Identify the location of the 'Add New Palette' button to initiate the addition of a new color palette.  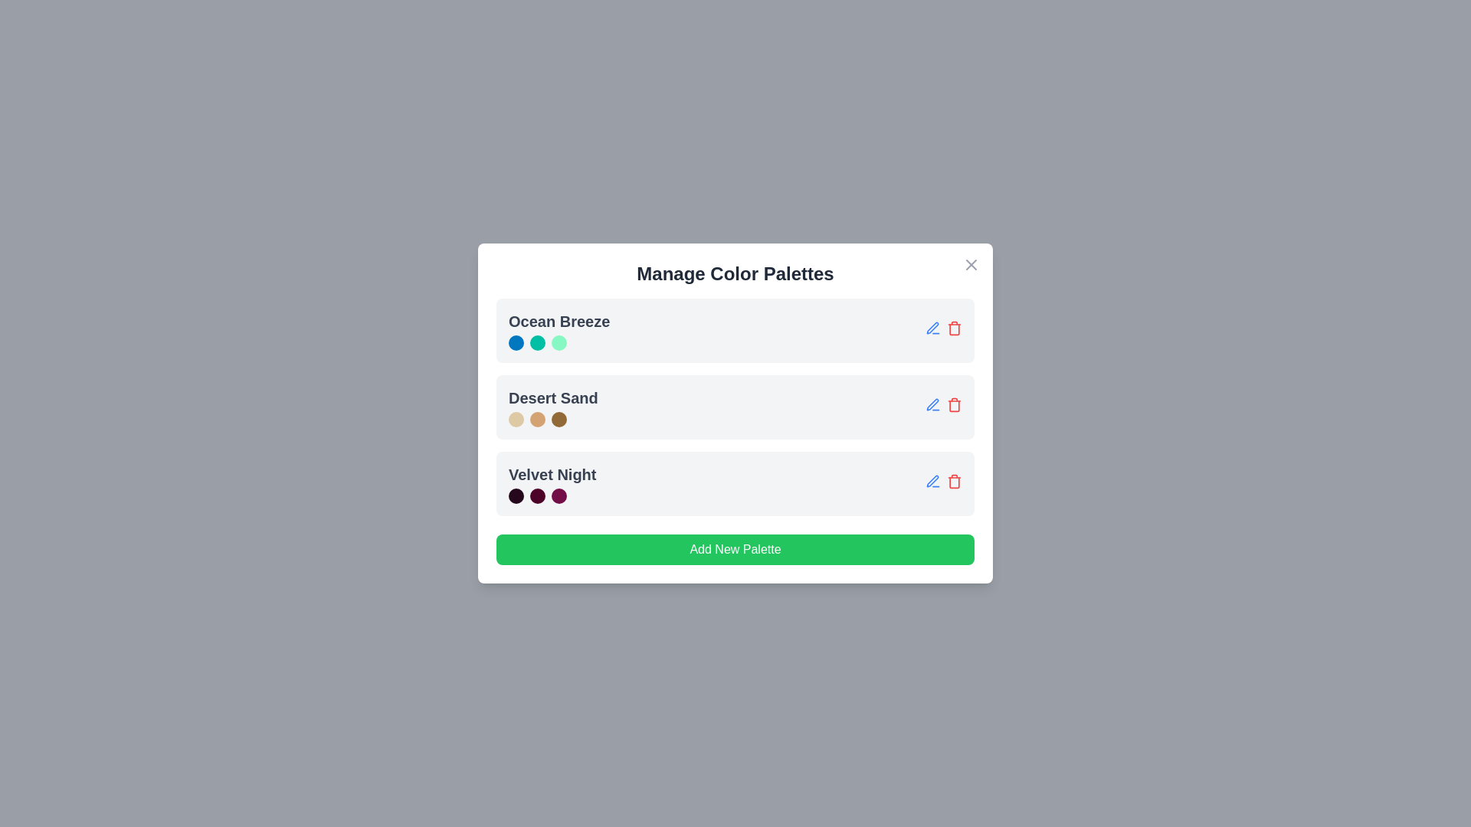
(735, 548).